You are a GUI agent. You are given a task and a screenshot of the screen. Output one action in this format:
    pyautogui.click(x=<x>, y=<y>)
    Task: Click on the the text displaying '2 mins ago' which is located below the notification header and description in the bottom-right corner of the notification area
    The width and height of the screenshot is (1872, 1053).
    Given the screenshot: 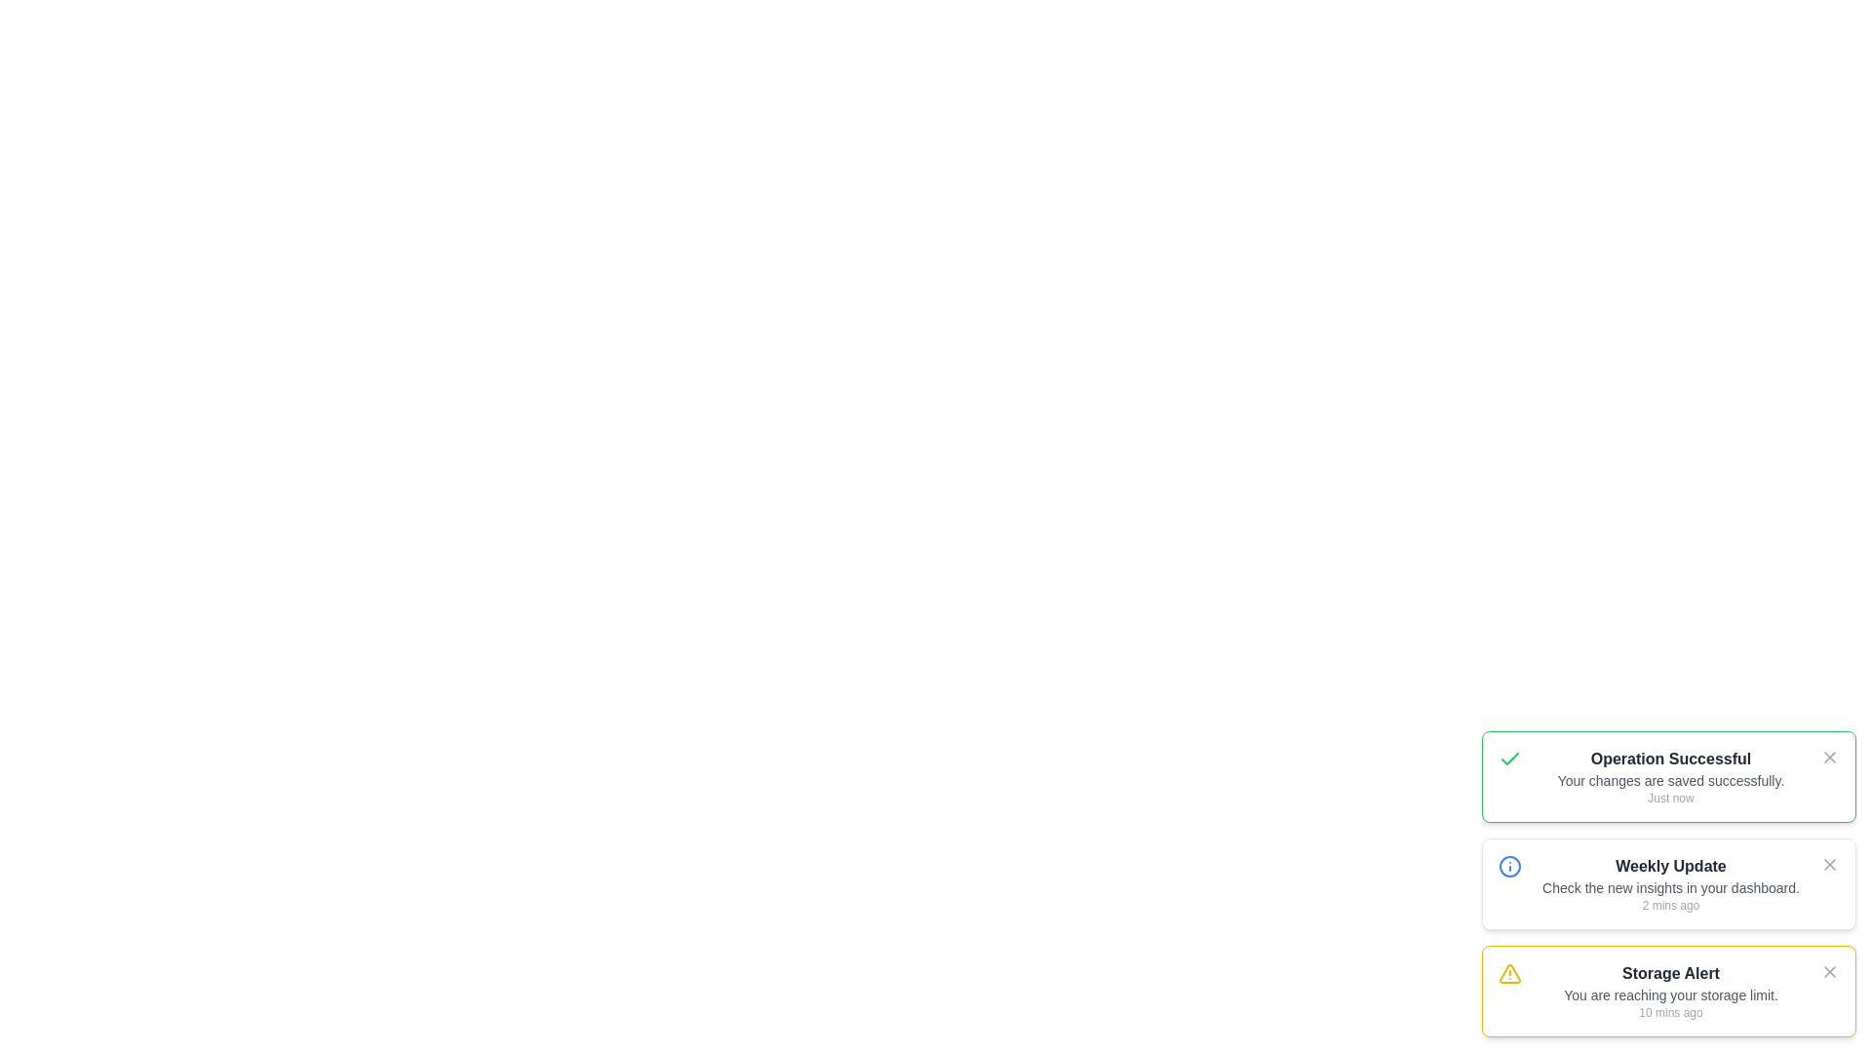 What is the action you would take?
    pyautogui.click(x=1669, y=906)
    